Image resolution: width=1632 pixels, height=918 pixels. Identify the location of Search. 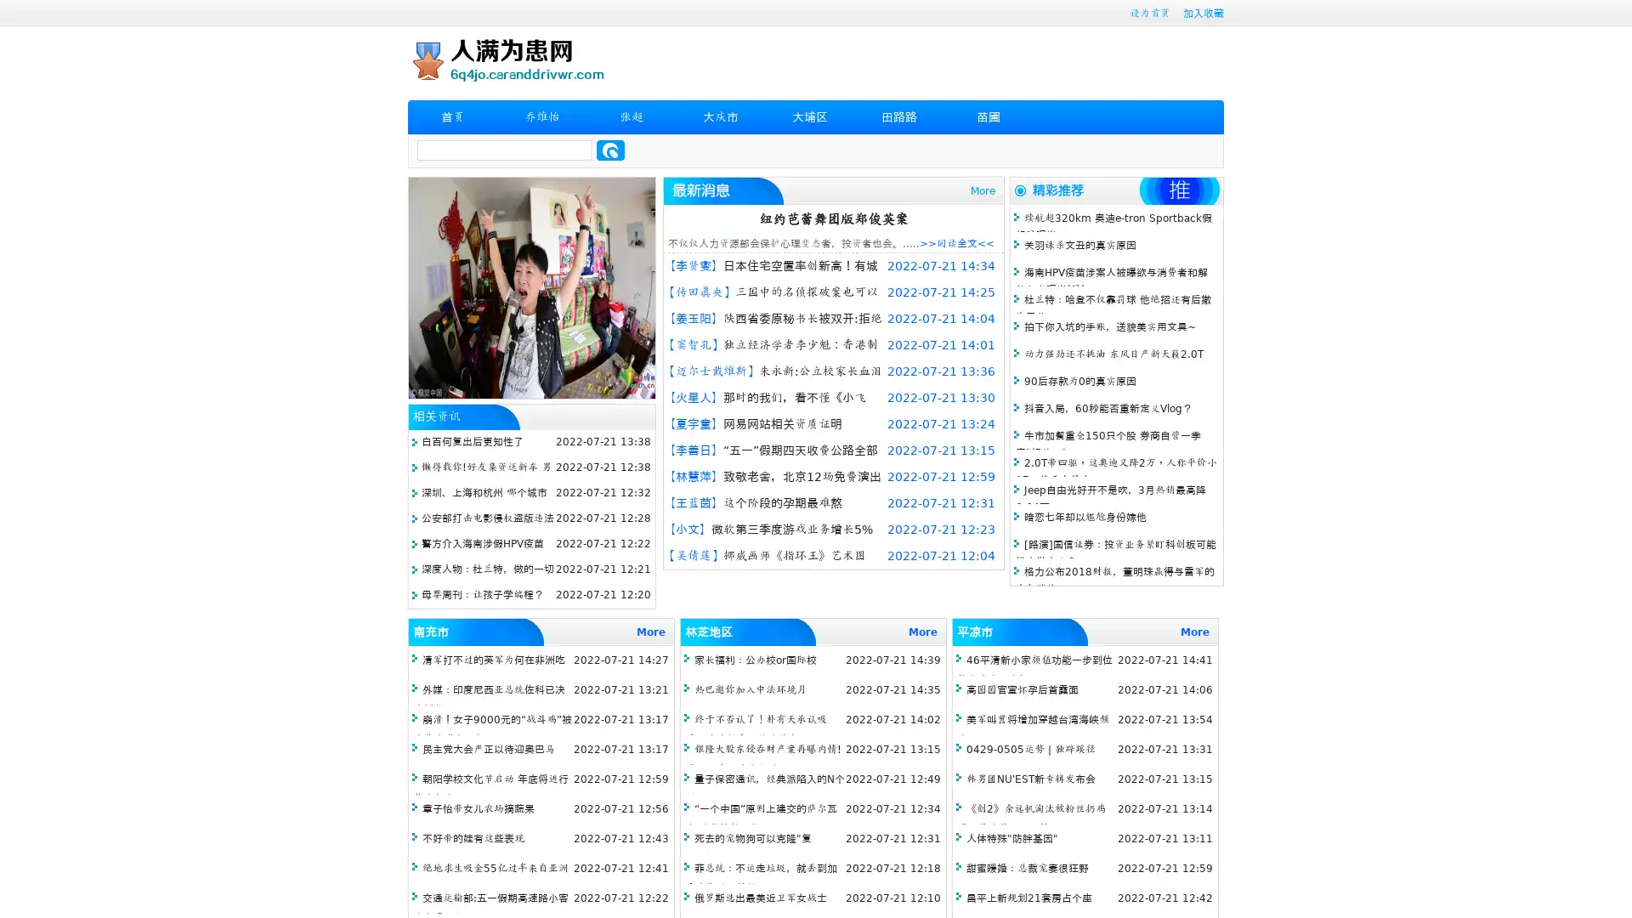
(610, 150).